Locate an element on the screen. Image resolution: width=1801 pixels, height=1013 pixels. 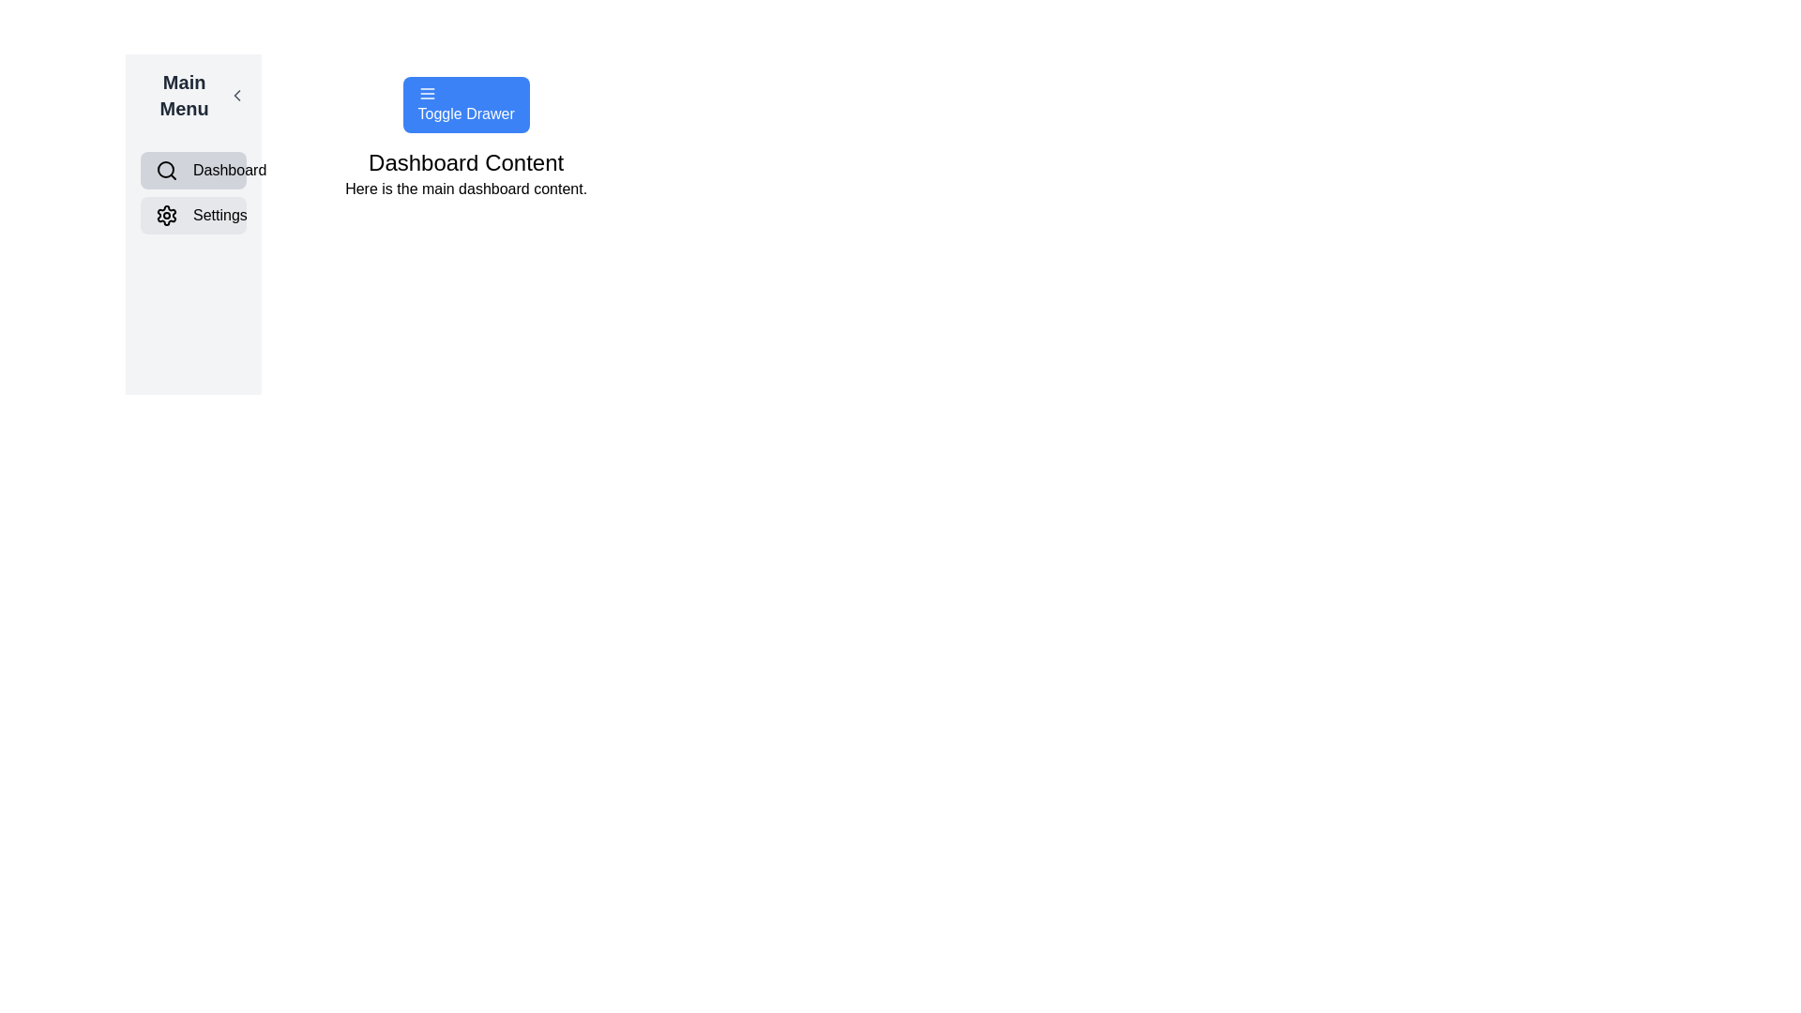
the settings button located in the vertical side menu, which is the second item below the 'Dashboard' option is located at coordinates (193, 215).